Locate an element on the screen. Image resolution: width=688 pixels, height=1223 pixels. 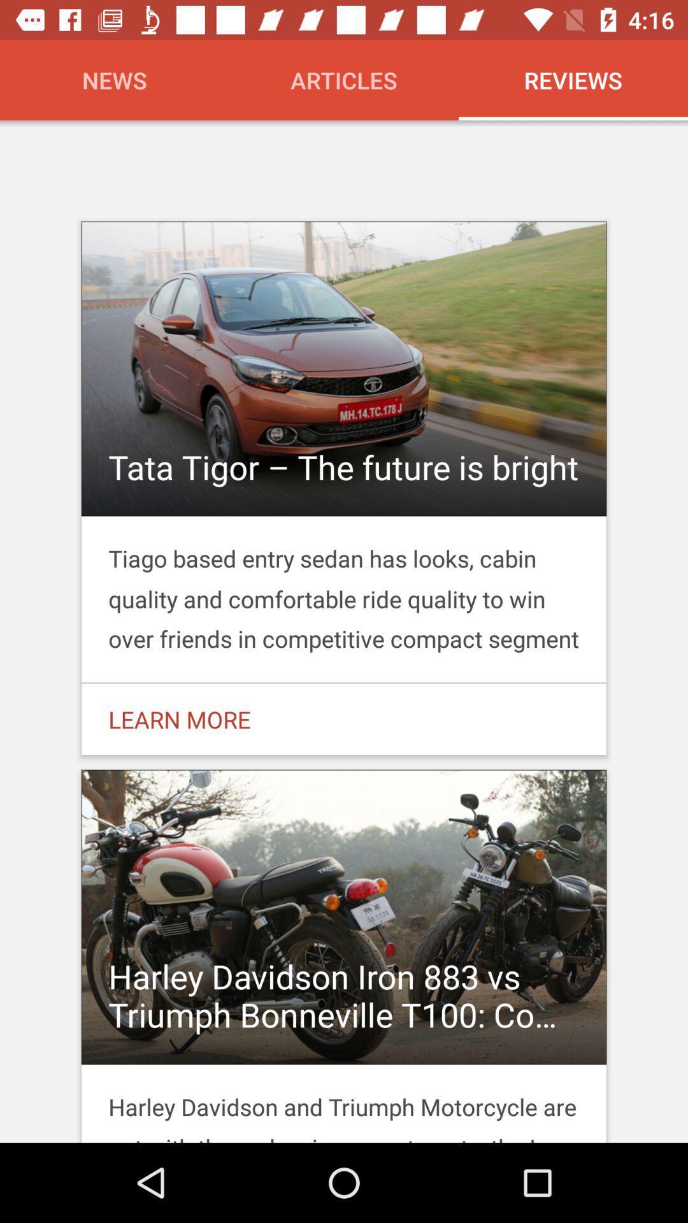
the image above the content is located at coordinates (344, 368).